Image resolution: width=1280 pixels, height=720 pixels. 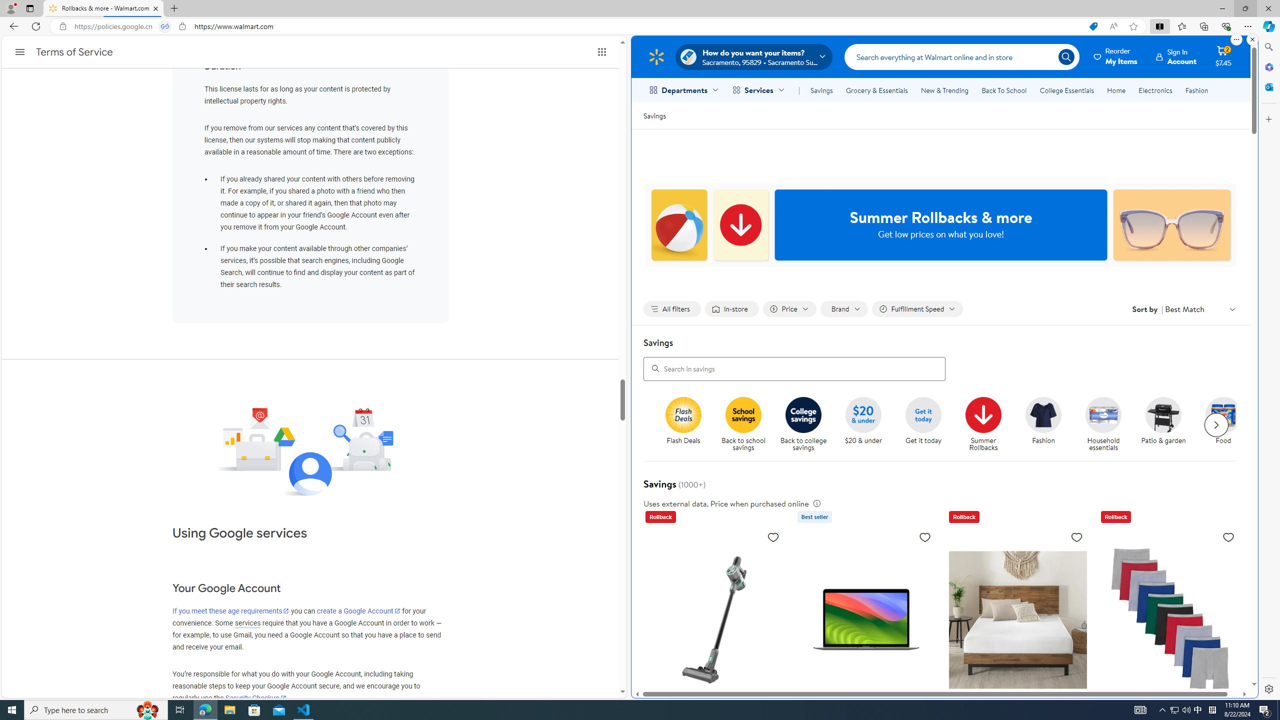 What do you see at coordinates (1267, 46) in the screenshot?
I see `'Close Search pane'` at bounding box center [1267, 46].